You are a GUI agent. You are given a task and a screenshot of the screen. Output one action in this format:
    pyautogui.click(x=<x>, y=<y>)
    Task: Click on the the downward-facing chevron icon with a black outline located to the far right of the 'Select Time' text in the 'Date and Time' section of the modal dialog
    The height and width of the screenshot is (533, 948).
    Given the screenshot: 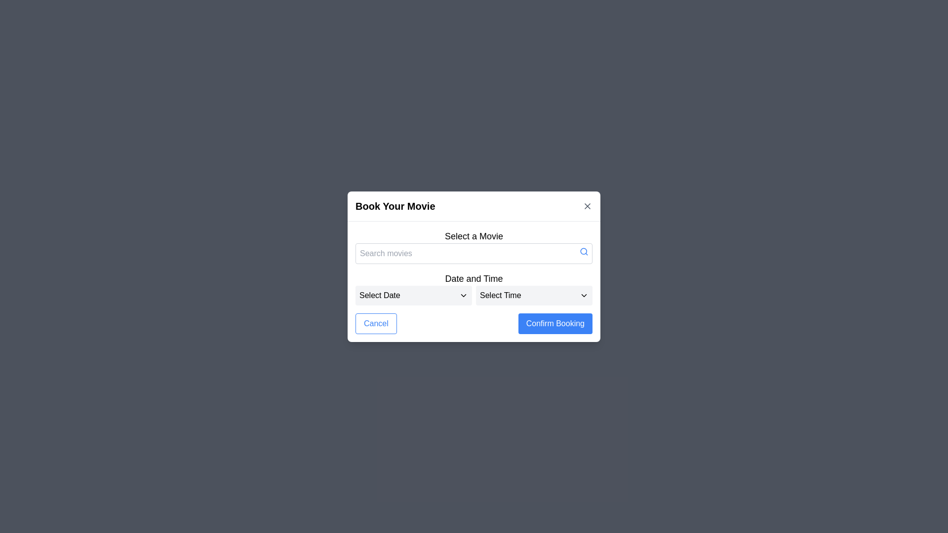 What is the action you would take?
    pyautogui.click(x=584, y=295)
    